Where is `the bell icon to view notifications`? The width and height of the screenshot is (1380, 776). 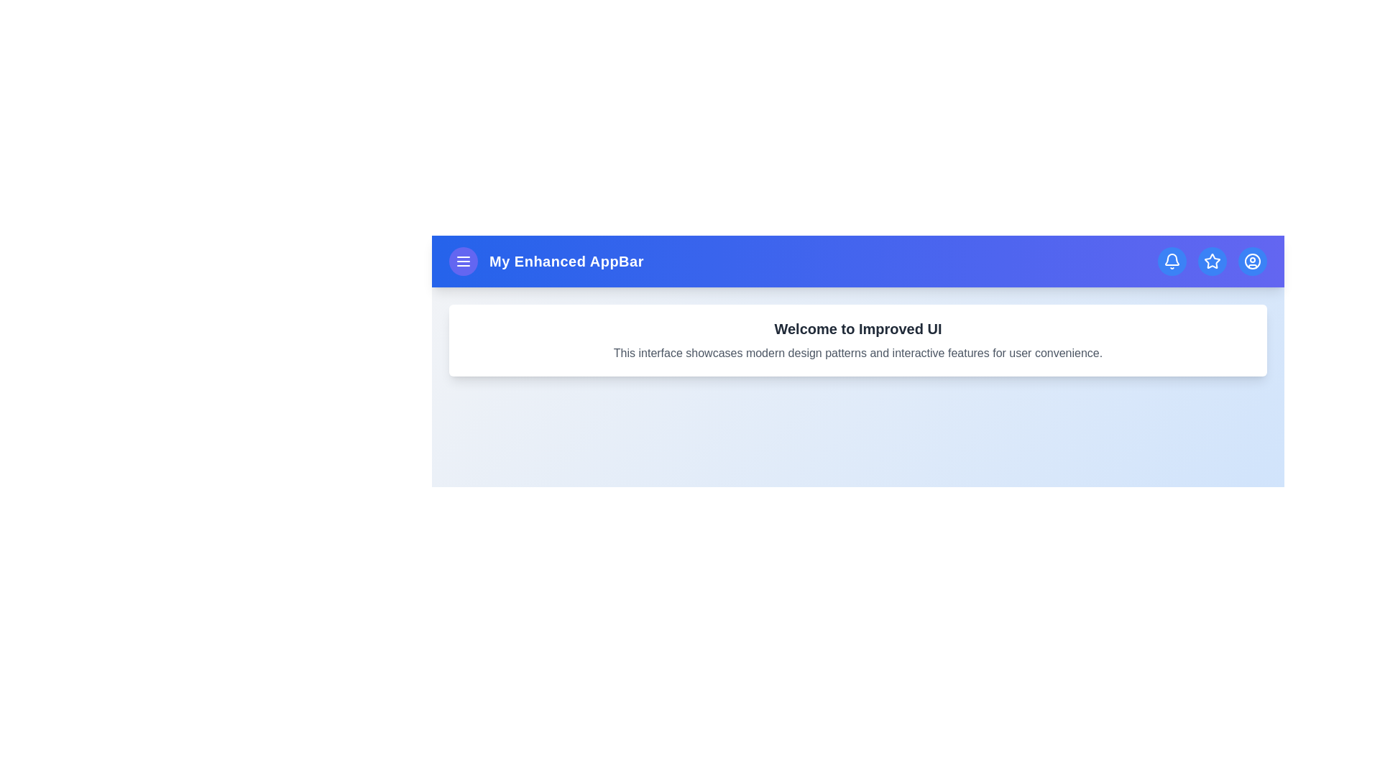
the bell icon to view notifications is located at coordinates (1172, 261).